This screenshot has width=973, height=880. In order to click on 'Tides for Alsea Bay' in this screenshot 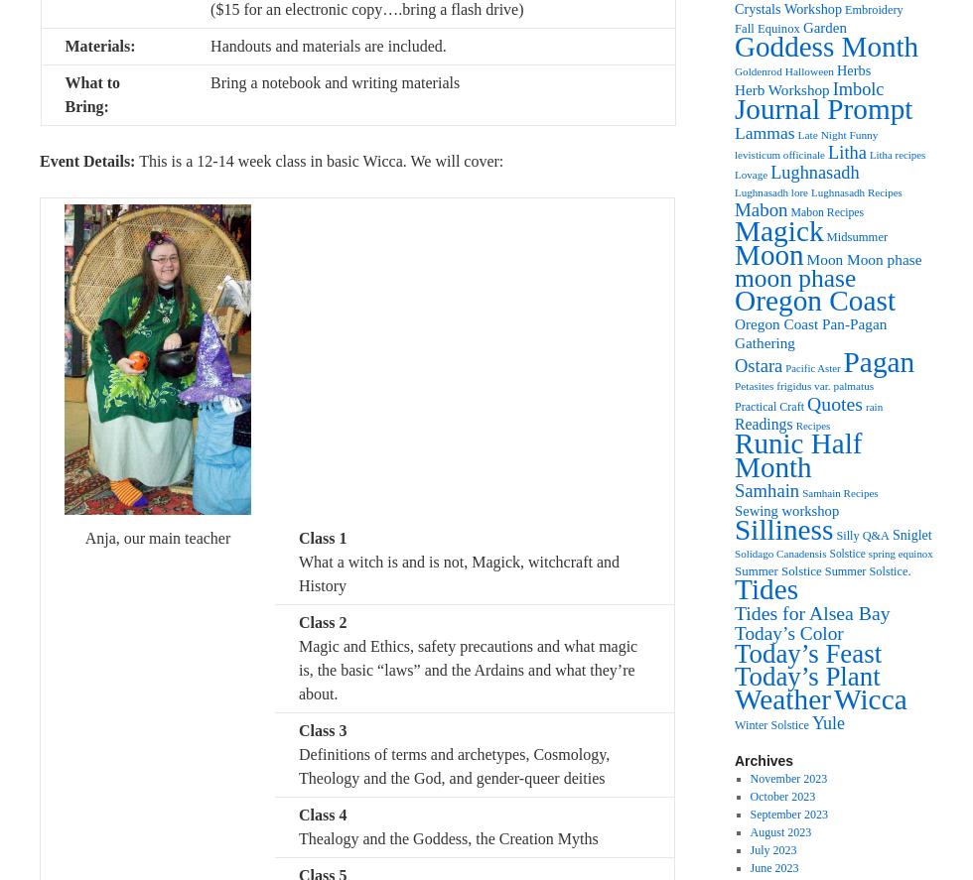, I will do `click(812, 612)`.